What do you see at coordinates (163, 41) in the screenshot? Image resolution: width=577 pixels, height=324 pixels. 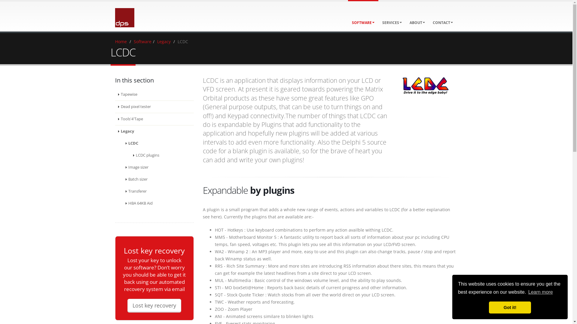 I see `'Legacy'` at bounding box center [163, 41].